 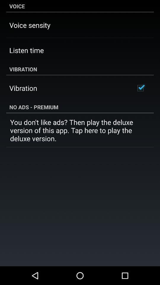 I want to click on voice sensity item, so click(x=29, y=25).